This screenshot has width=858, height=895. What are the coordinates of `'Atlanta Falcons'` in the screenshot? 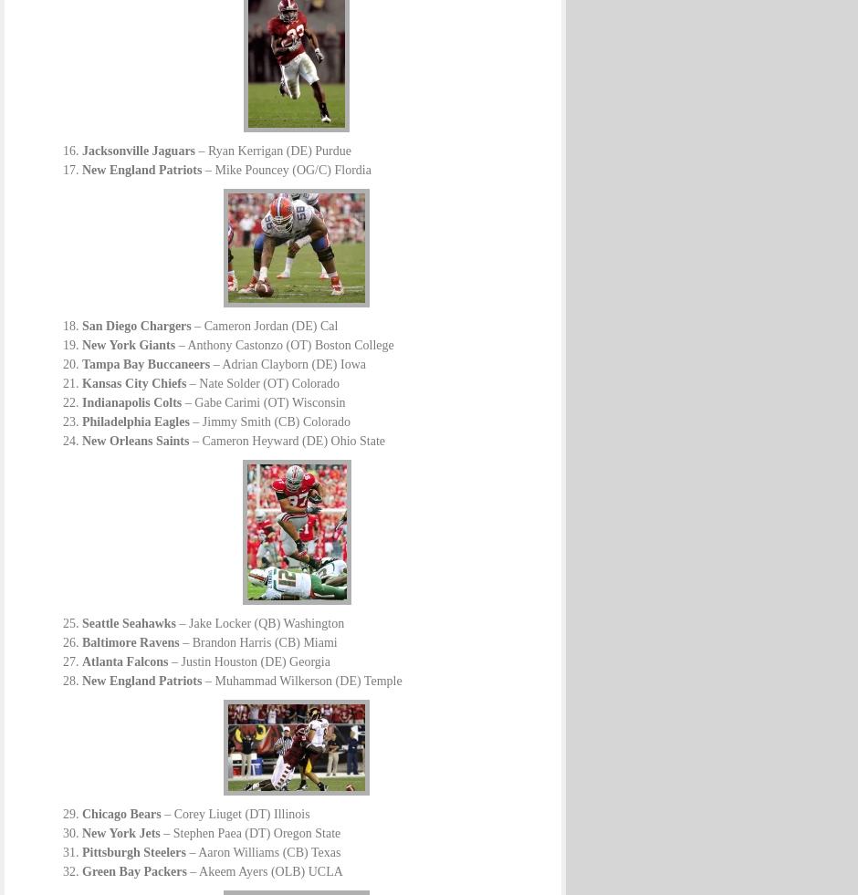 It's located at (123, 661).